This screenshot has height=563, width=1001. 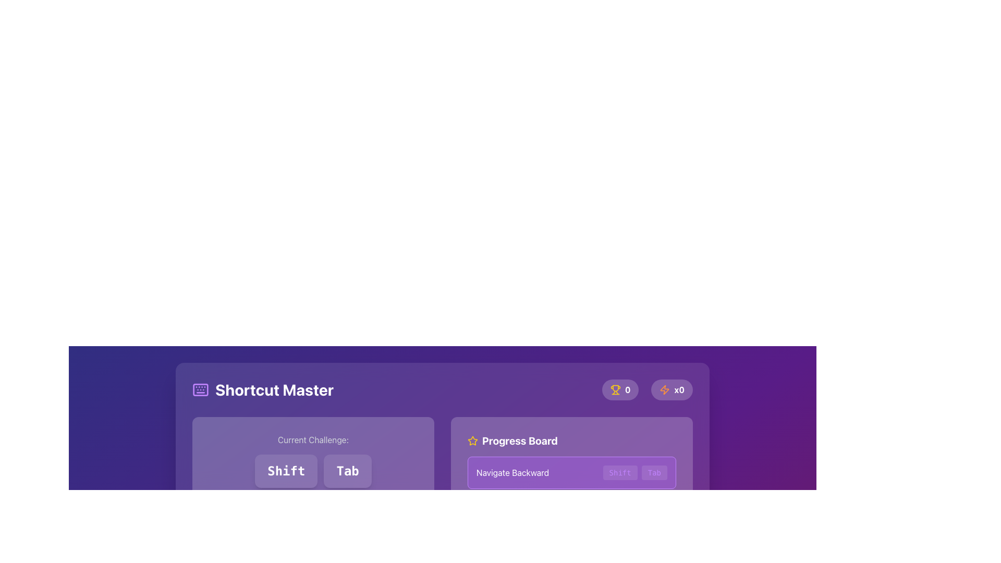 I want to click on the Statistical display element featuring a yellow trophy icon and the numeric value '0', located at the top-right corner of the interface, so click(x=620, y=390).